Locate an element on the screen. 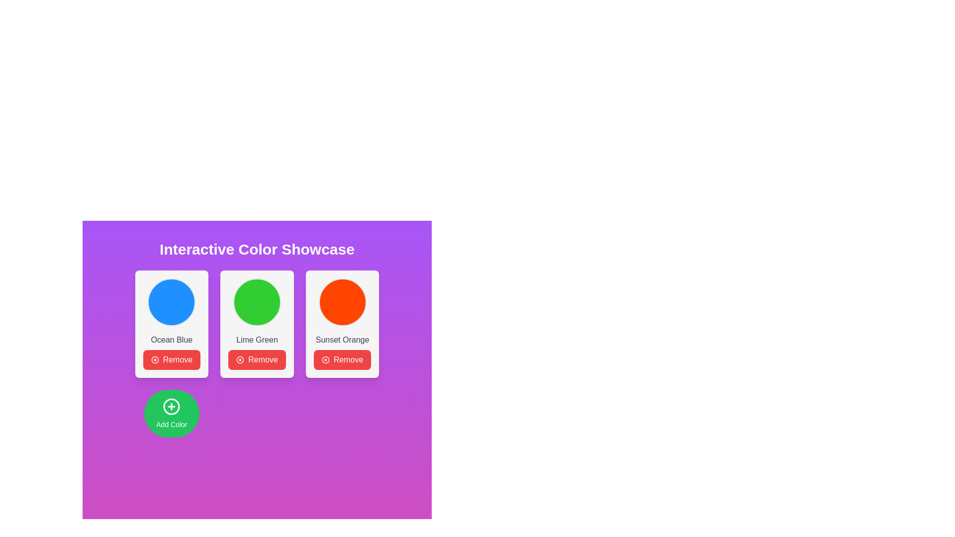  the second button below the green circular item labeled 'Lime Green' is located at coordinates (257, 354).